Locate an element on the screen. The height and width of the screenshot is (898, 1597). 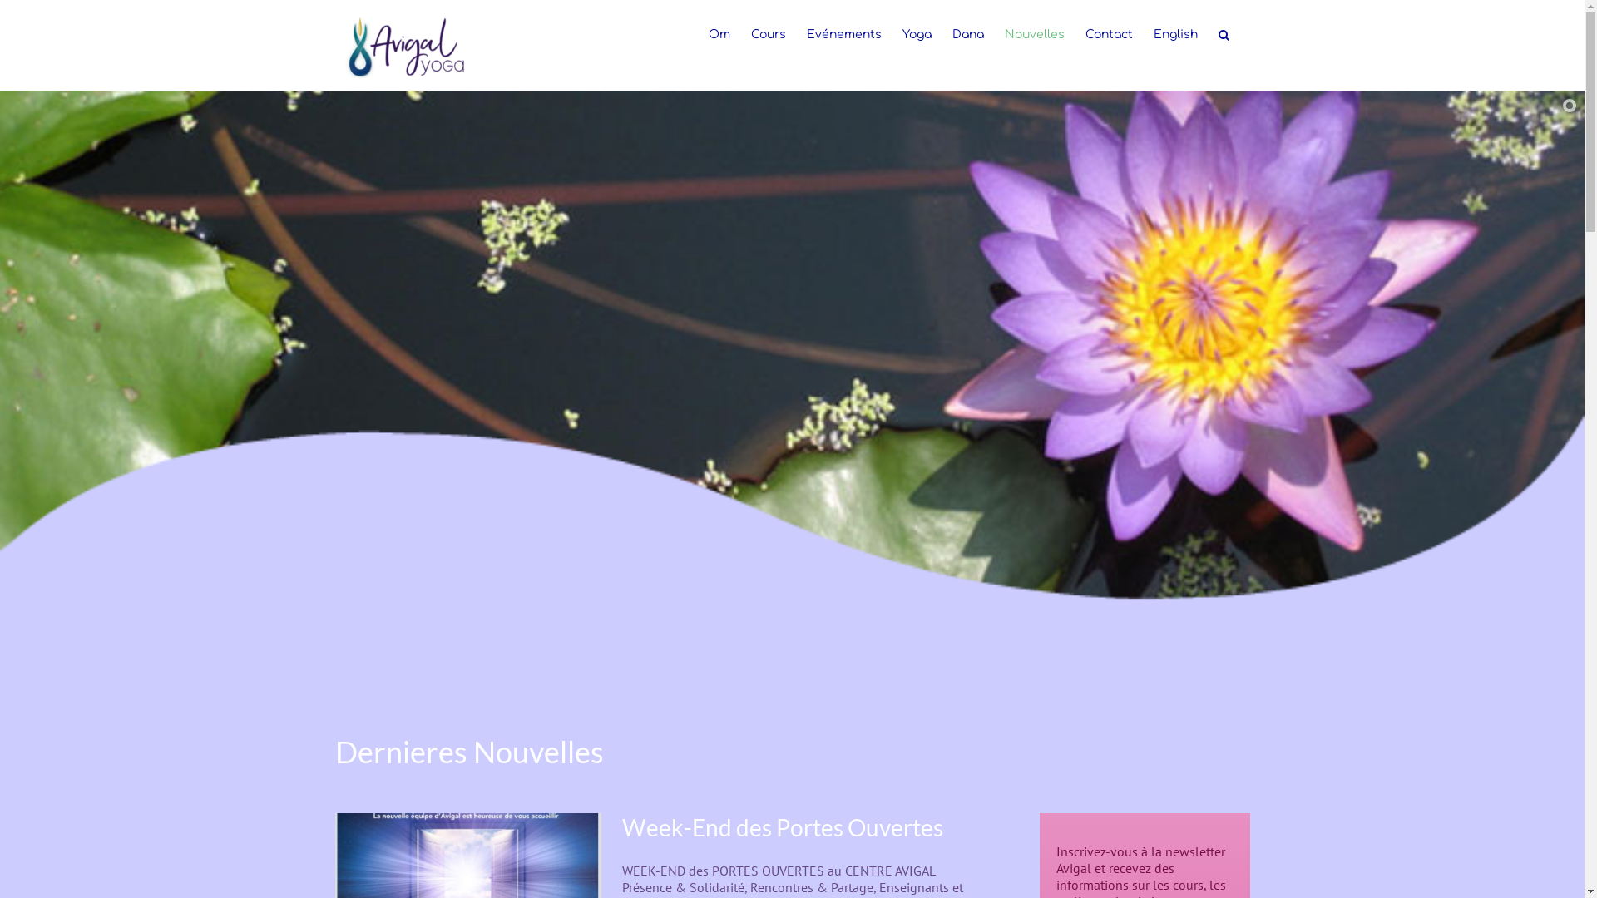
'Search' is located at coordinates (1223, 35).